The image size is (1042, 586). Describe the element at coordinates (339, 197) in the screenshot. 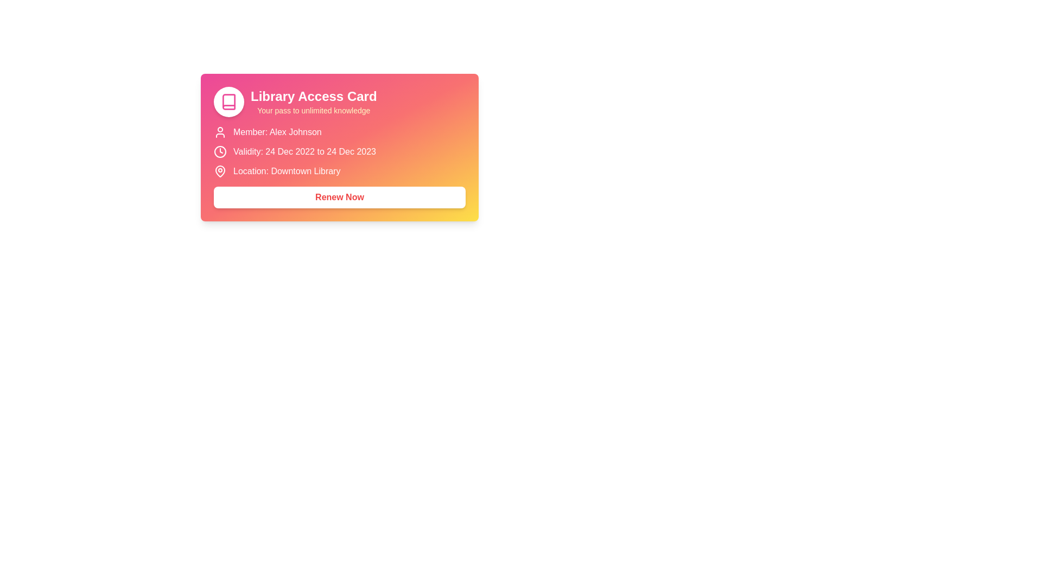

I see `the 'Renew Library Membership' button located at the bottom of the 'Library Access Card'` at that location.